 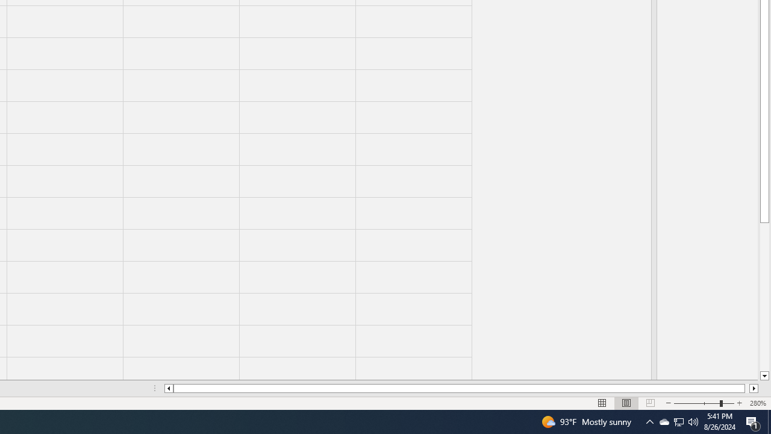 What do you see at coordinates (697, 403) in the screenshot?
I see `'Zoom Out'` at bounding box center [697, 403].